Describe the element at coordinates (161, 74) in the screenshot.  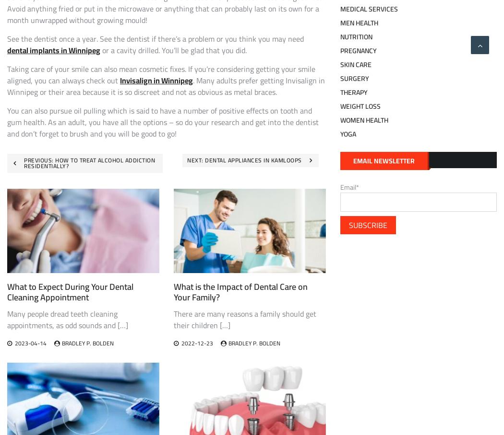
I see `'Taking care of your smile can also mean cosmetic fixes. If you’re considering getting your smile aligned, you can always check out'` at that location.